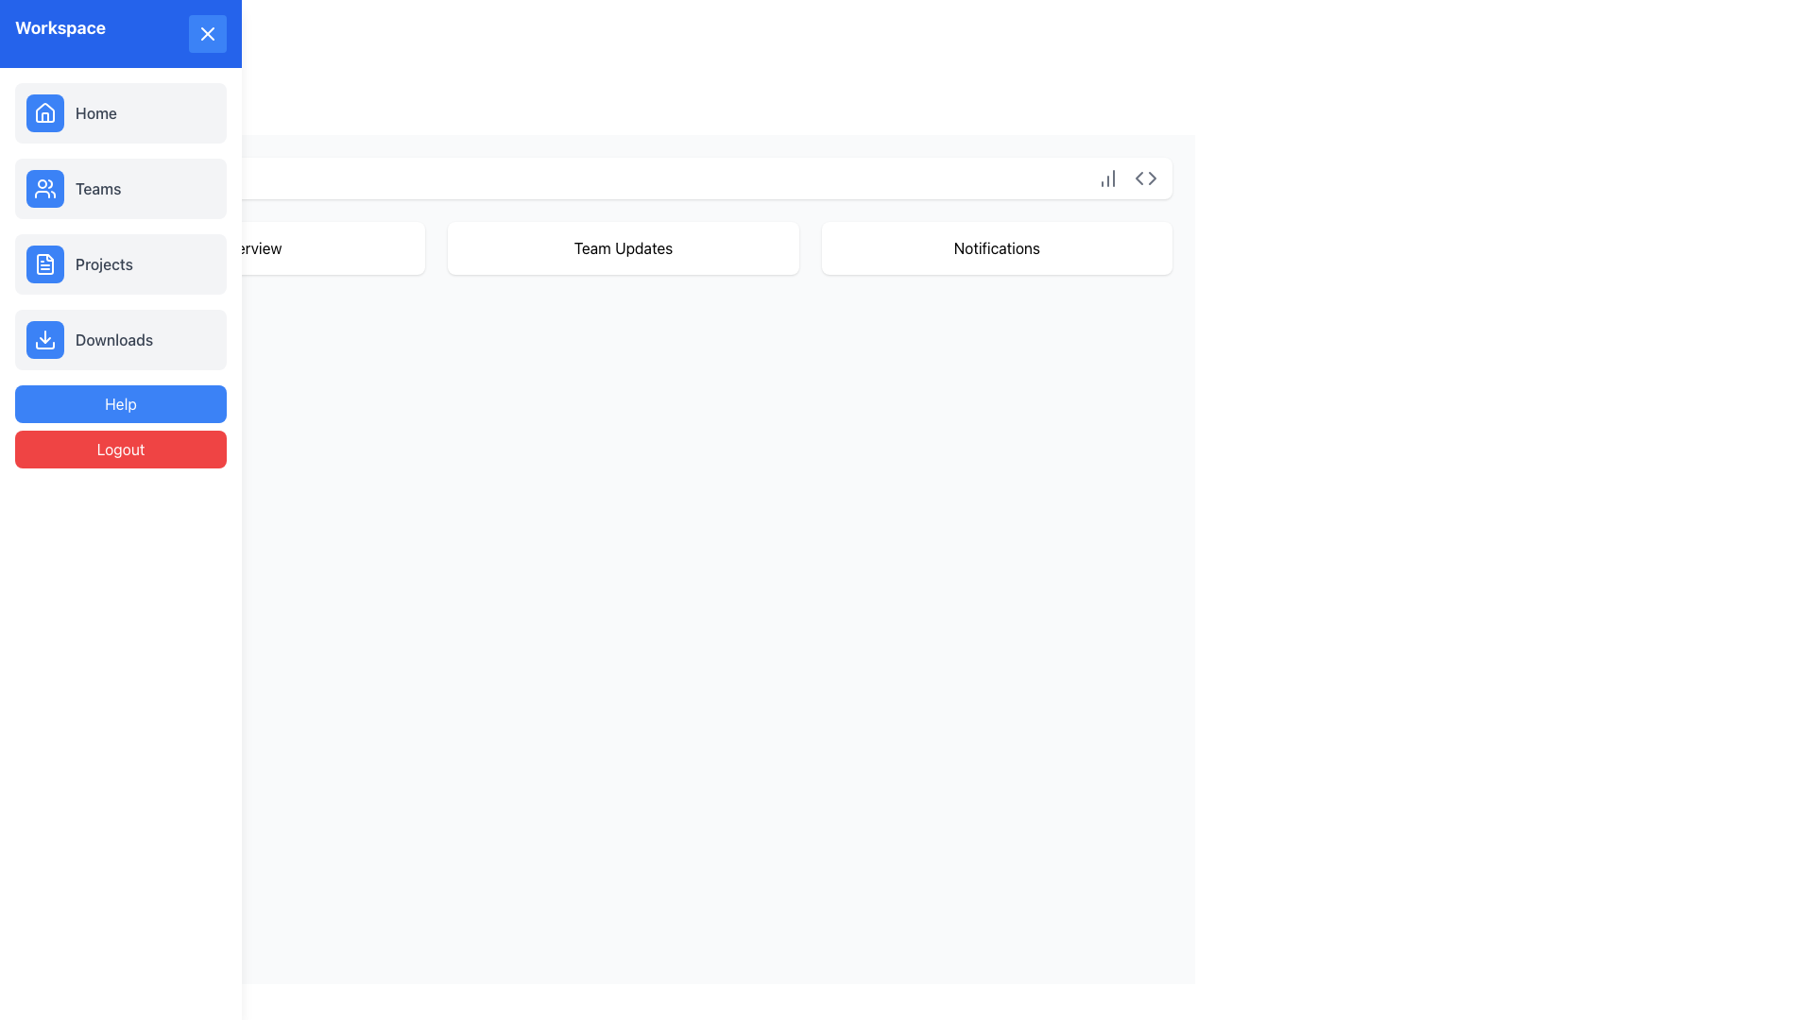 Image resolution: width=1814 pixels, height=1020 pixels. Describe the element at coordinates (45, 338) in the screenshot. I see `the blue circular Icon Button with a white download icon located in the left vertical navigation menu under 'Downloads'` at that location.